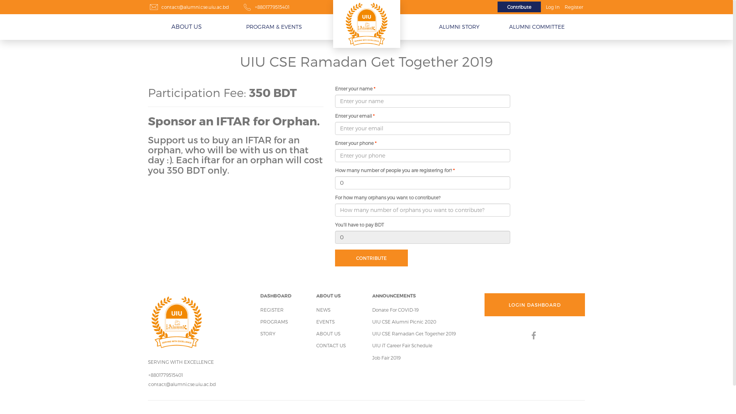 The image size is (736, 414). What do you see at coordinates (267, 333) in the screenshot?
I see `'STORY'` at bounding box center [267, 333].